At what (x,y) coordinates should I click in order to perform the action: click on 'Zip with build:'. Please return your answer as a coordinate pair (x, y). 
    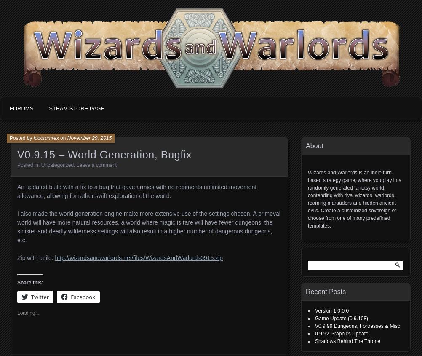
    Looking at the image, I should click on (35, 258).